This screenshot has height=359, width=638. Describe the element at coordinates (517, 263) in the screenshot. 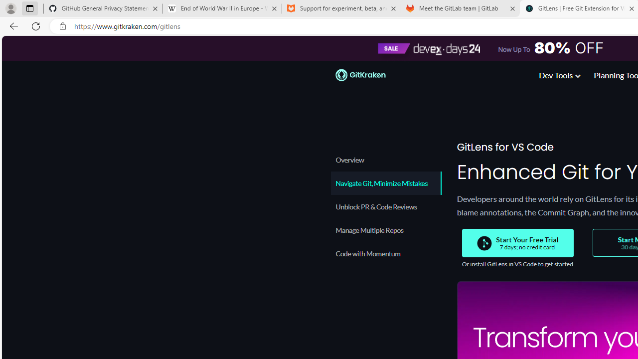

I see `'Or install GitLens in VS Code to get started'` at that location.